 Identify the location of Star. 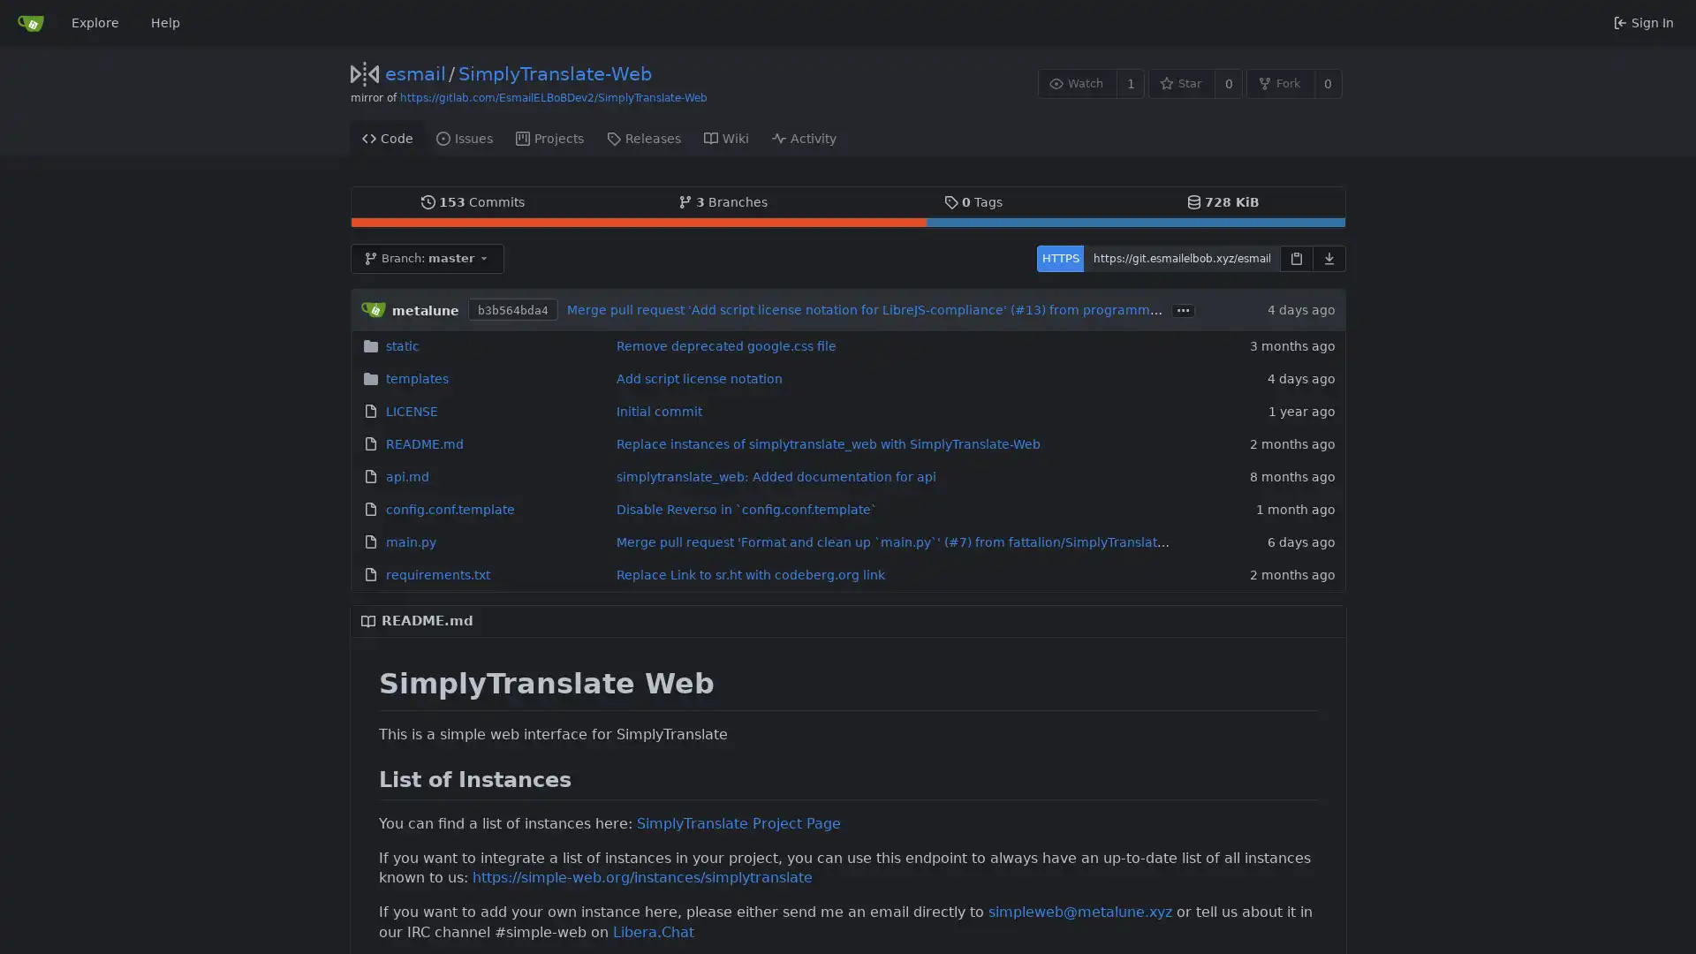
(1181, 83).